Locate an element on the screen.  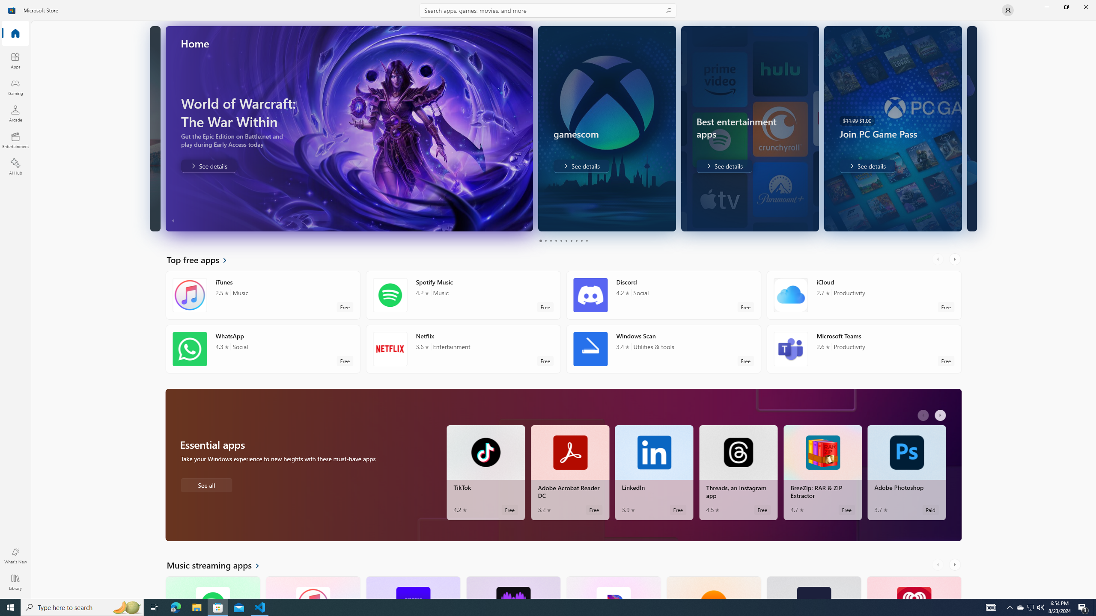
'AutomationID: Image' is located at coordinates (966, 128).